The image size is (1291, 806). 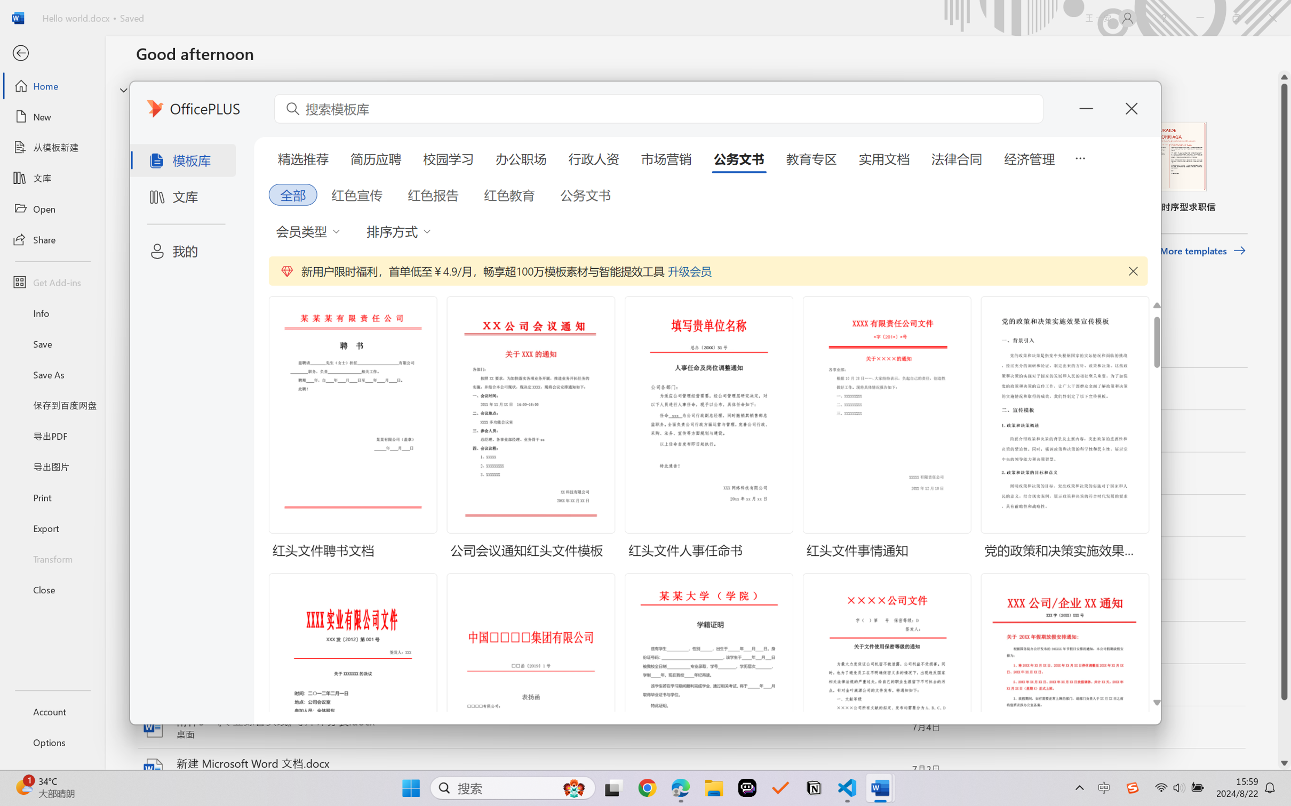 What do you see at coordinates (1237, 18) in the screenshot?
I see `'Restore Down'` at bounding box center [1237, 18].